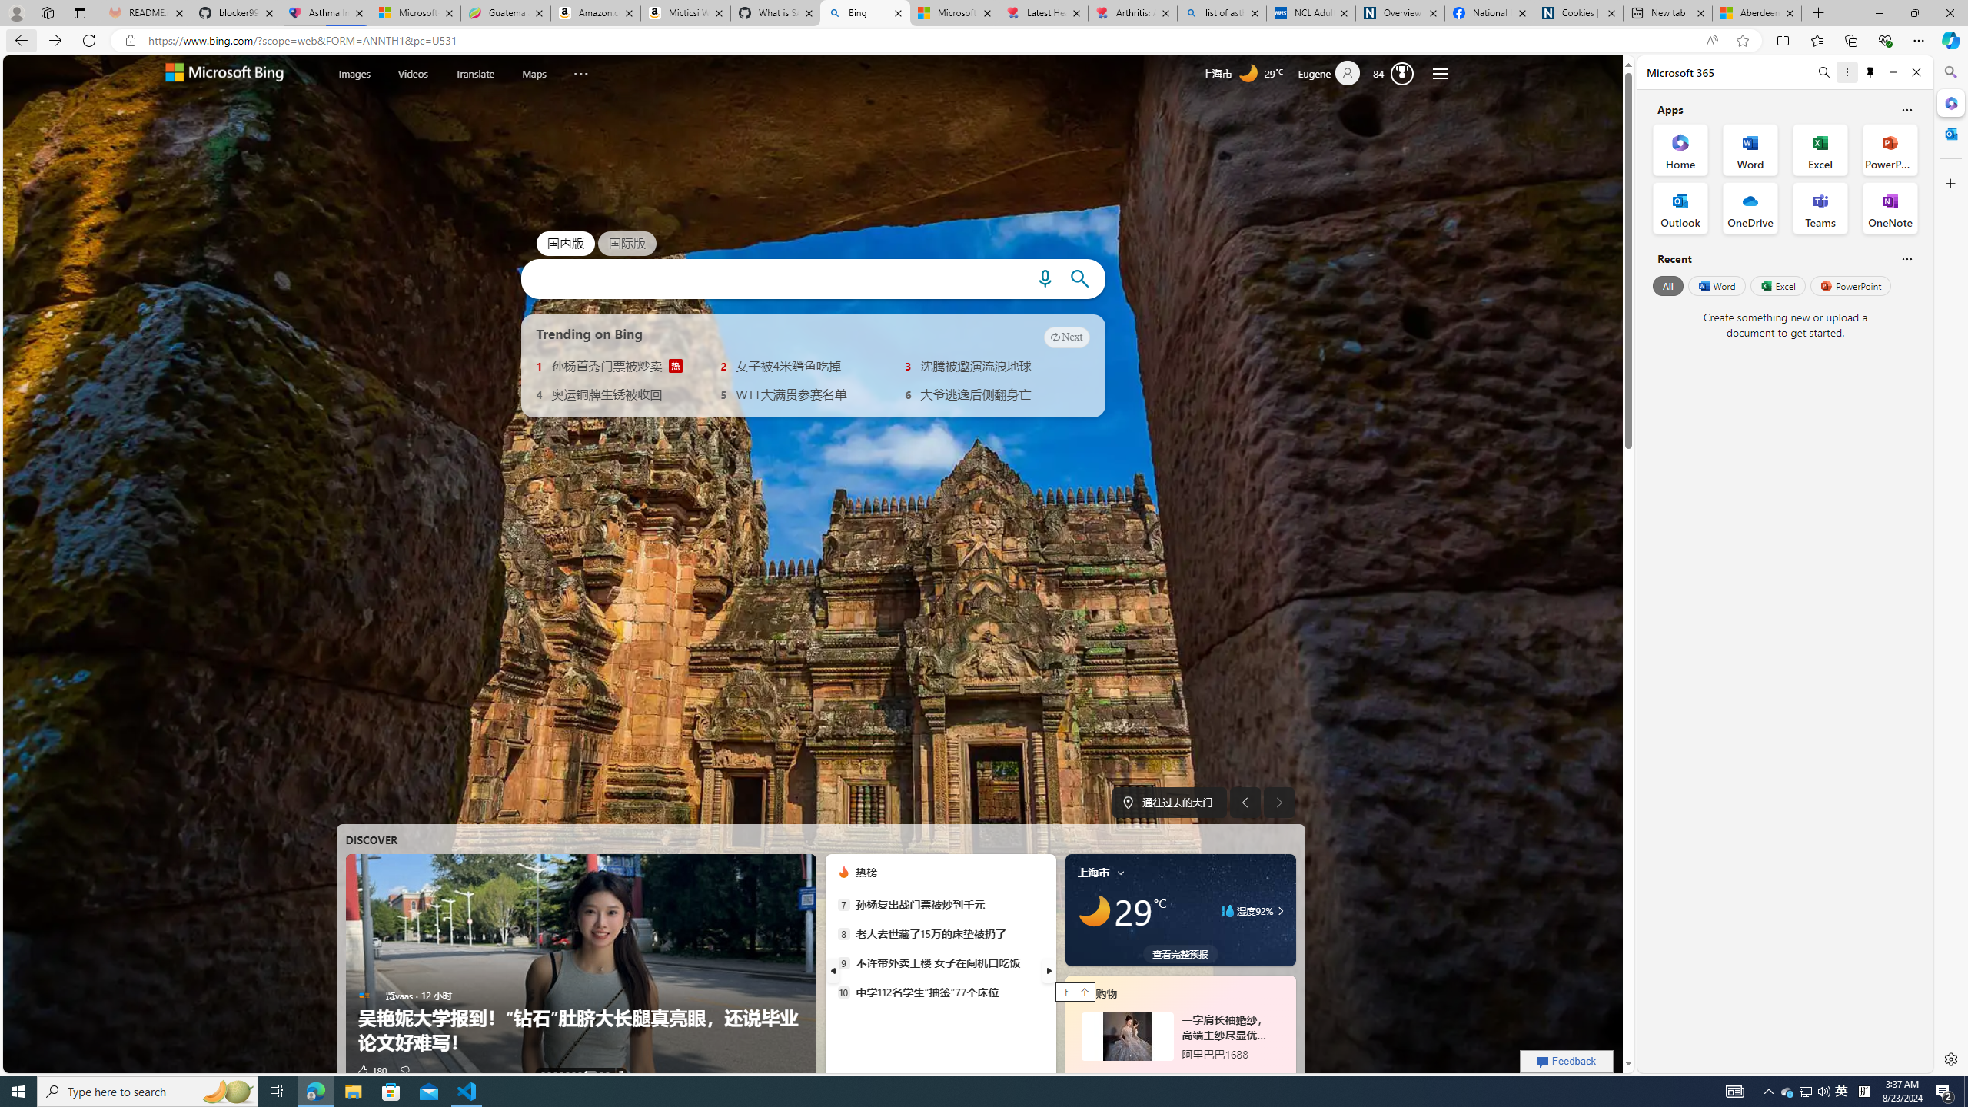  I want to click on 'Is this helpful?', so click(1906, 258).